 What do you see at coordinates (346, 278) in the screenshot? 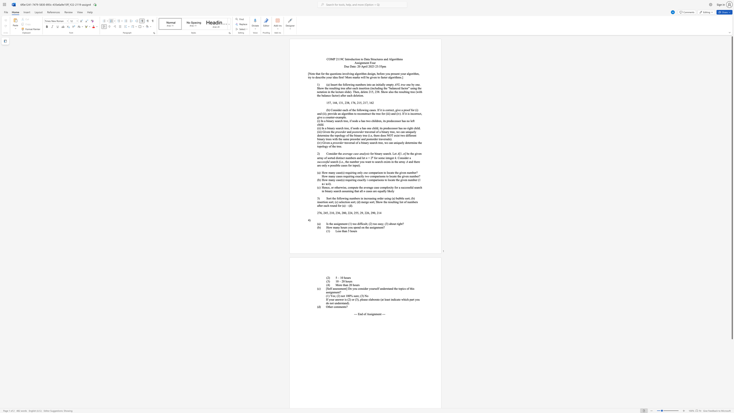
I see `the 1th character "o" in the text` at bounding box center [346, 278].